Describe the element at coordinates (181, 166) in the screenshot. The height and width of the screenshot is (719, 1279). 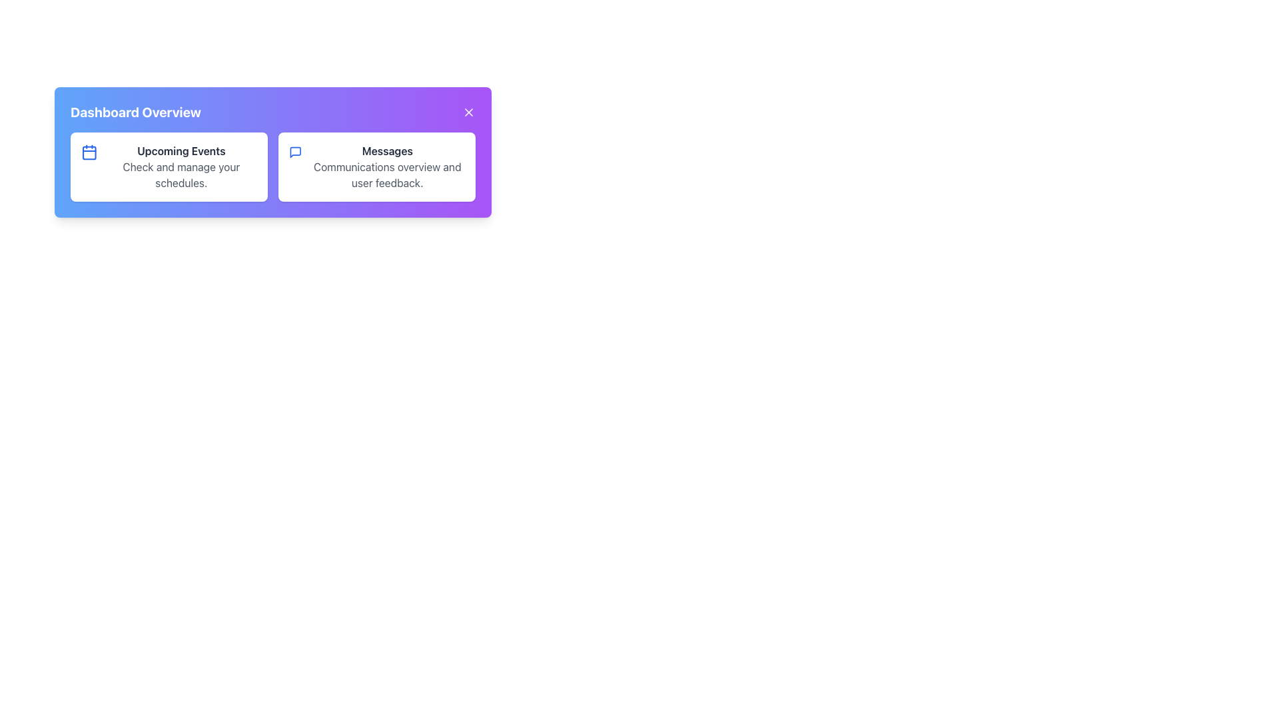
I see `text block element titled 'Upcoming Events' which contains the subtitle 'Check and manage your schedules.'` at that location.